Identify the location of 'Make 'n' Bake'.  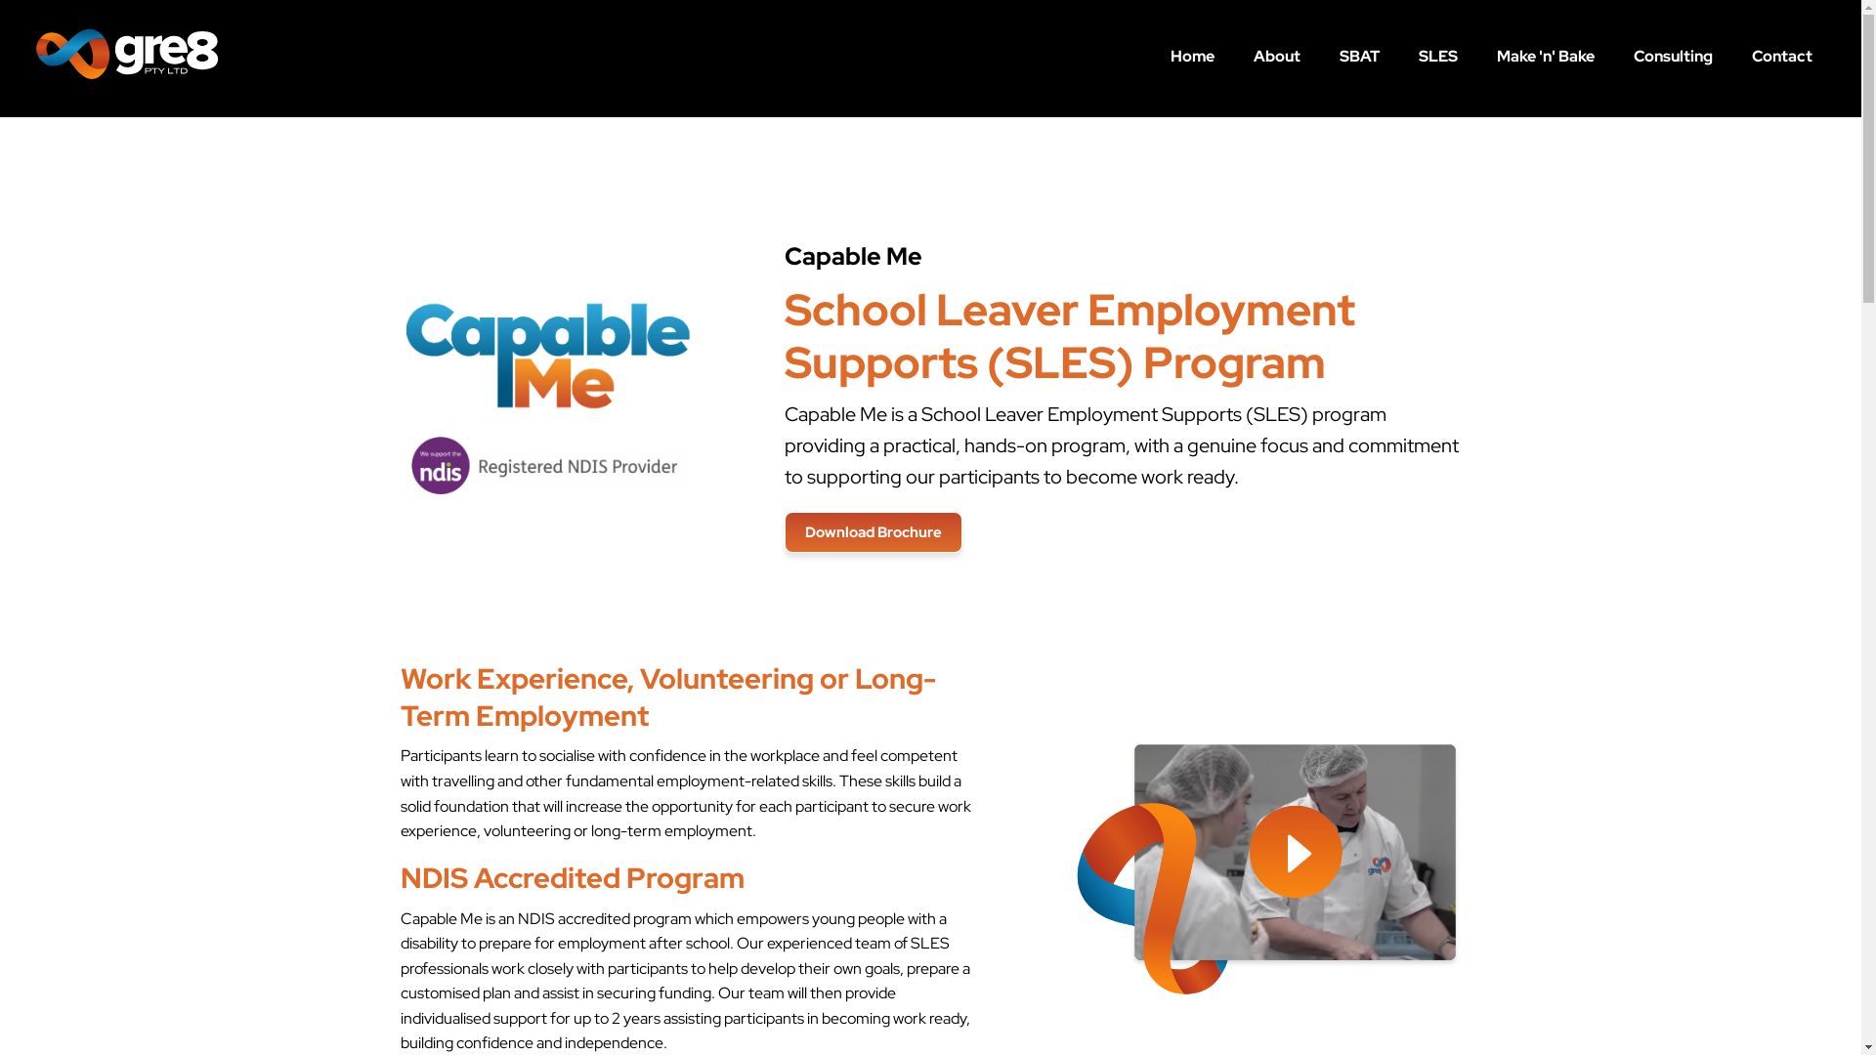
(1545, 55).